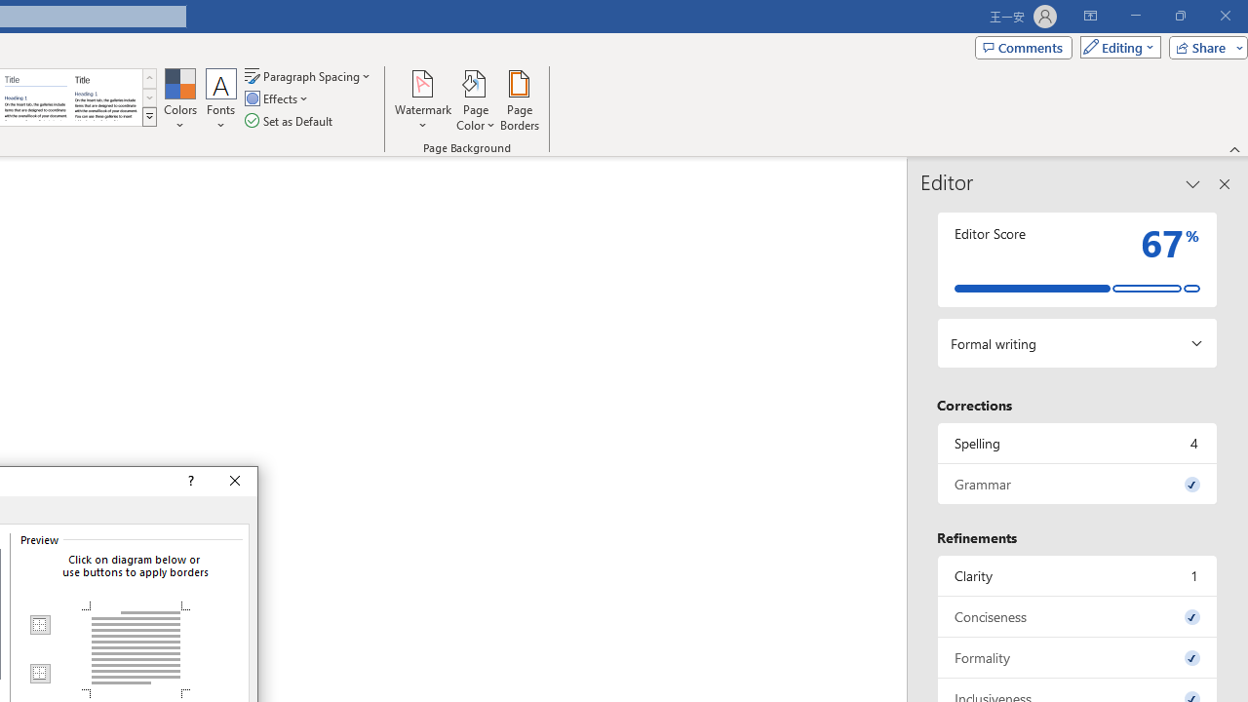 This screenshot has height=702, width=1248. Describe the element at coordinates (189, 481) in the screenshot. I see `'Context help'` at that location.